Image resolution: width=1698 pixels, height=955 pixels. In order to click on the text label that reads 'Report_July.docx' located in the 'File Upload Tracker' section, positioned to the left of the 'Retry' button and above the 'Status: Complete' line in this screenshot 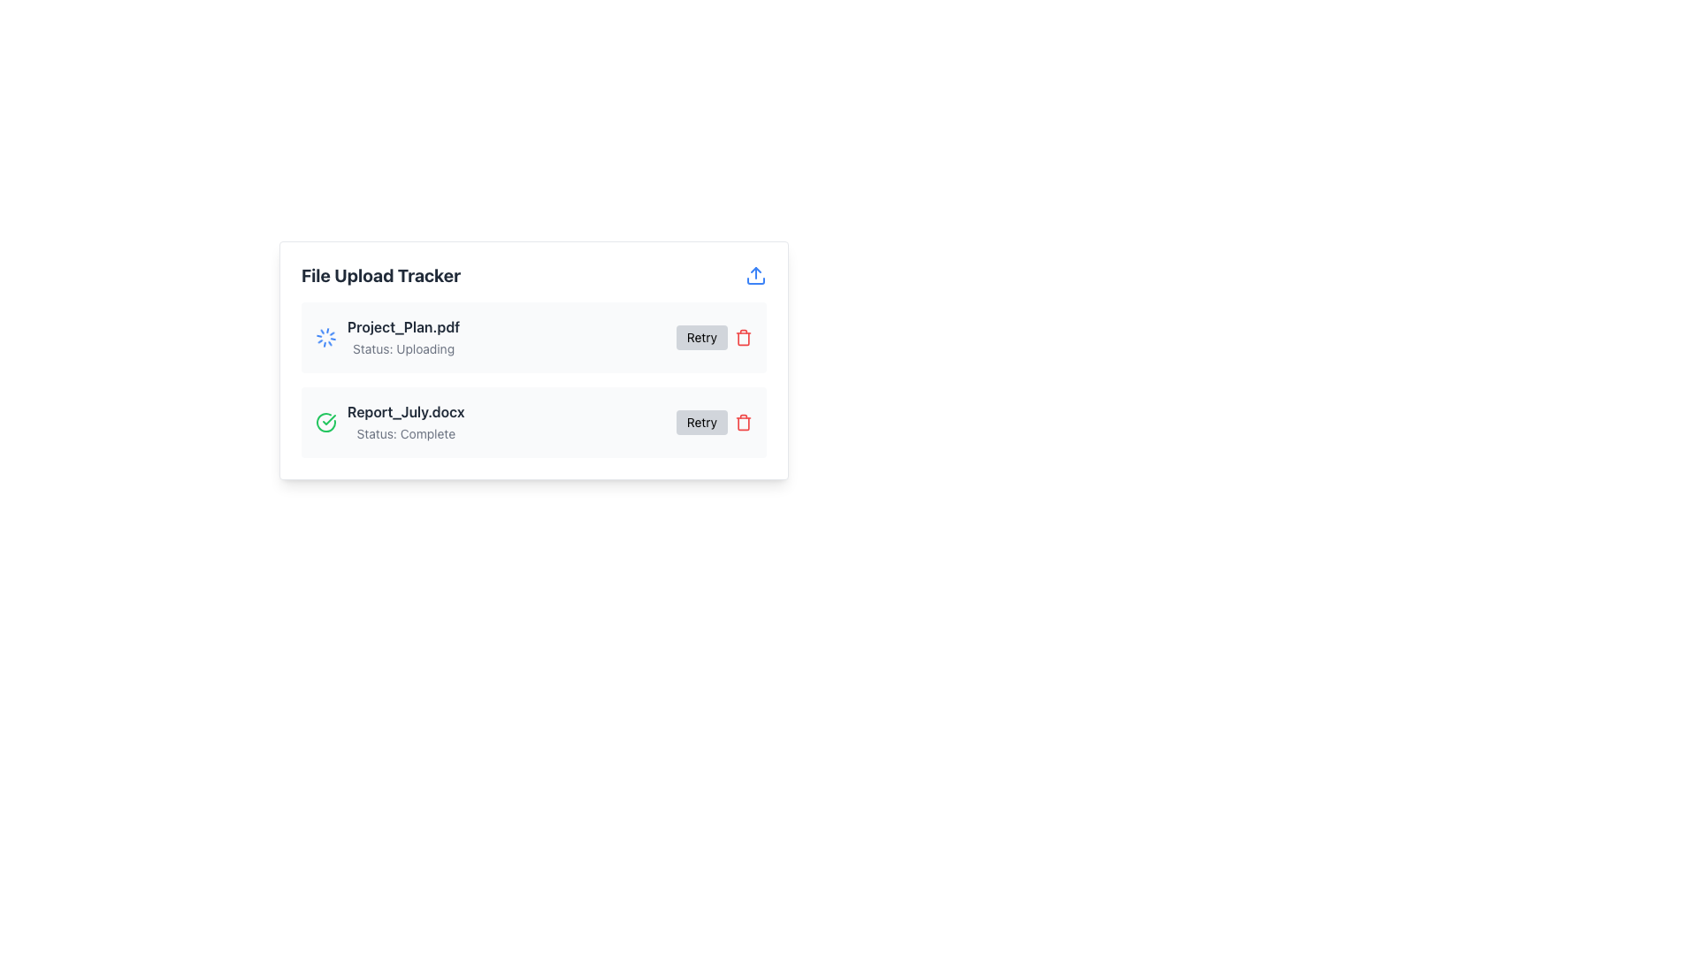, I will do `click(405, 412)`.